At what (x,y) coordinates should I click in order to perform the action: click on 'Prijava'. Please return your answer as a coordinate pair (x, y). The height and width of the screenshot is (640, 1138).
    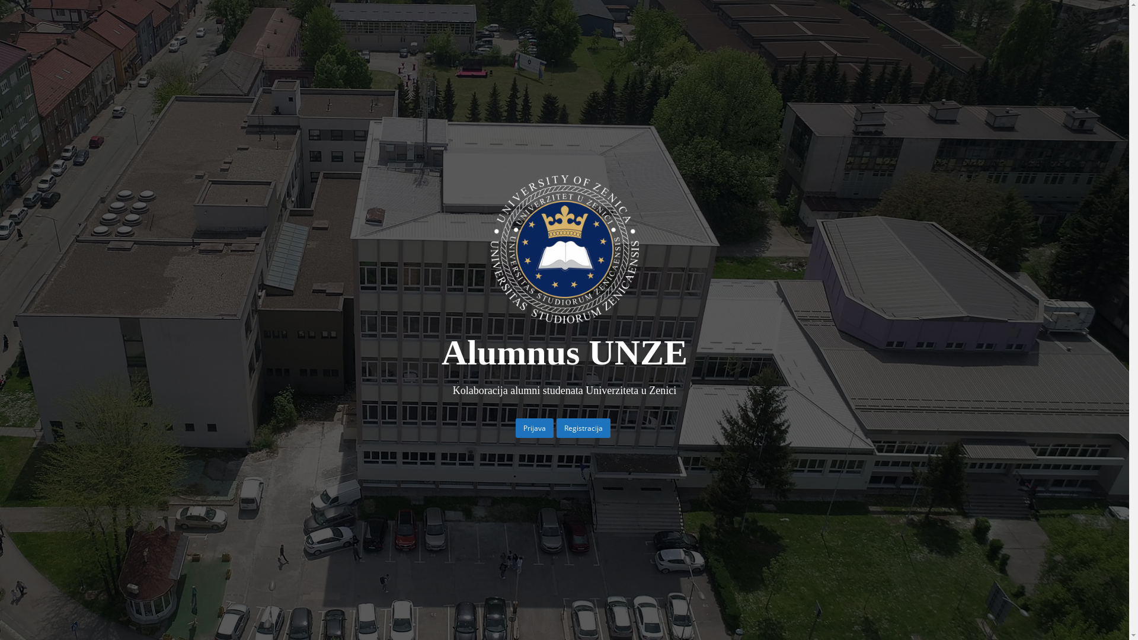
    Looking at the image, I should click on (534, 428).